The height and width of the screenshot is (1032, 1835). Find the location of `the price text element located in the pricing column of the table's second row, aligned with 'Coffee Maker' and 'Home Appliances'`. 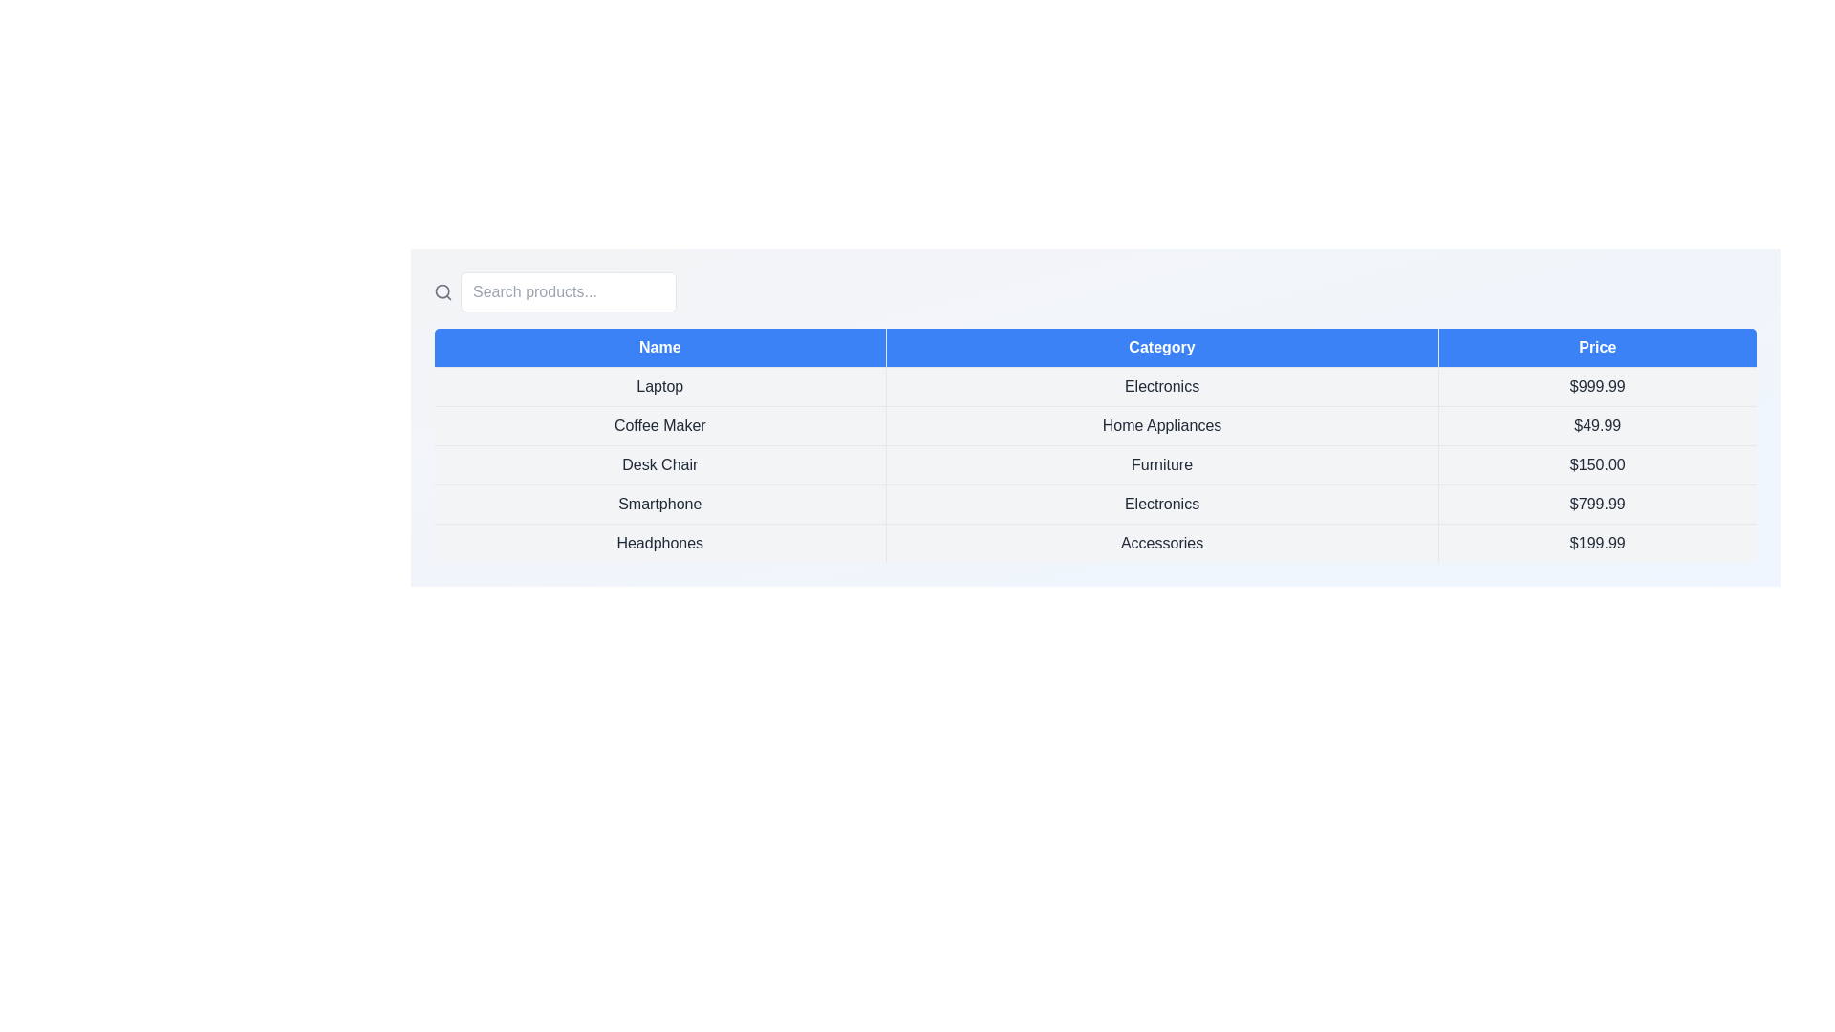

the price text element located in the pricing column of the table's second row, aligned with 'Coffee Maker' and 'Home Appliances' is located at coordinates (1597, 425).